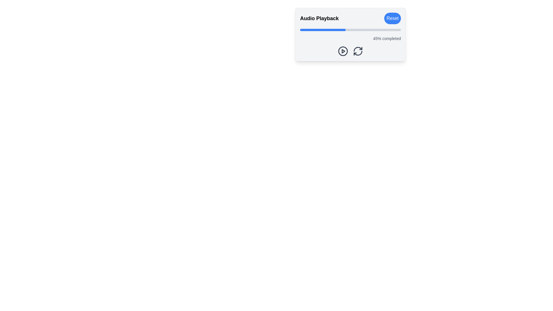 This screenshot has height=311, width=553. What do you see at coordinates (397, 30) in the screenshot?
I see `progress` at bounding box center [397, 30].